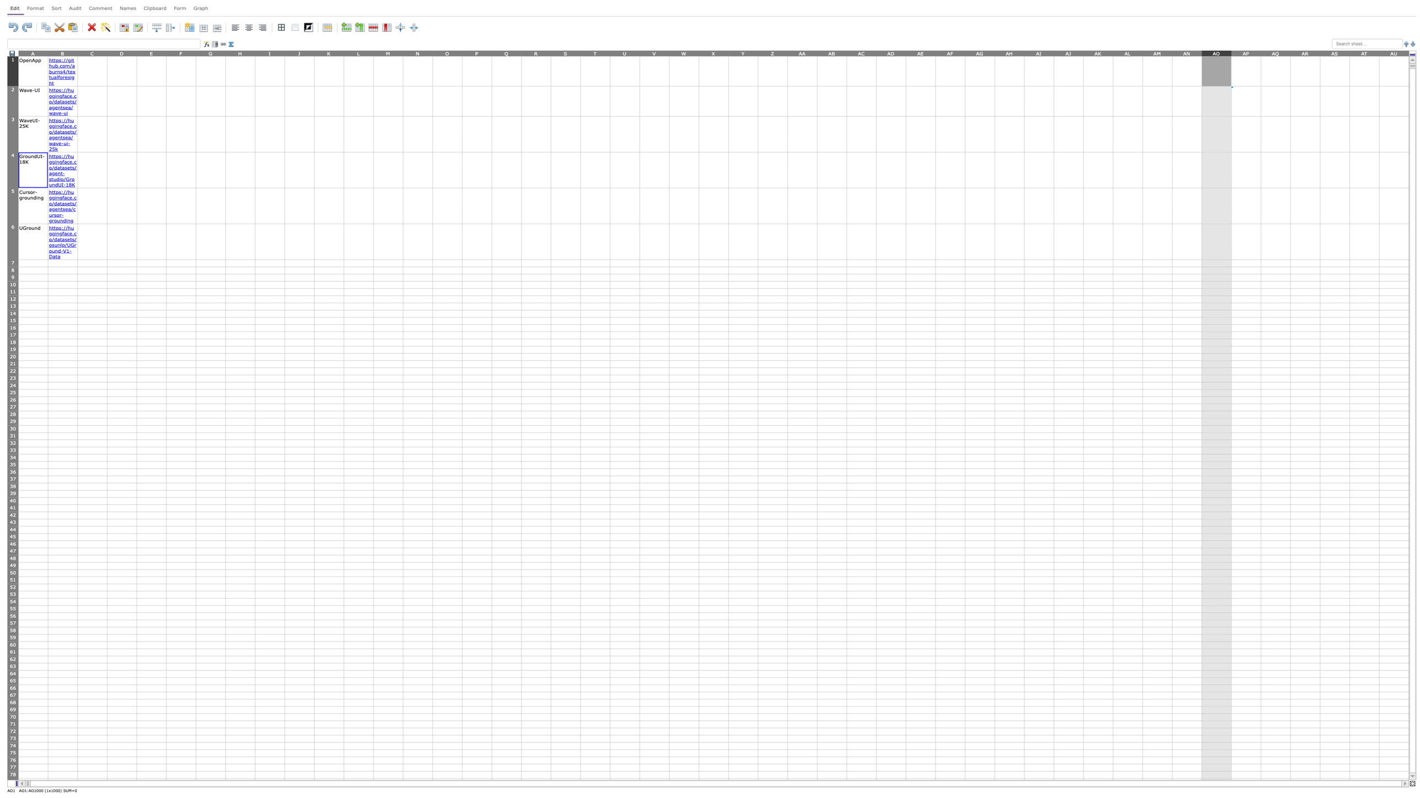 This screenshot has height=798, width=1420. What do you see at coordinates (1246, 52) in the screenshot?
I see `column header AP` at bounding box center [1246, 52].